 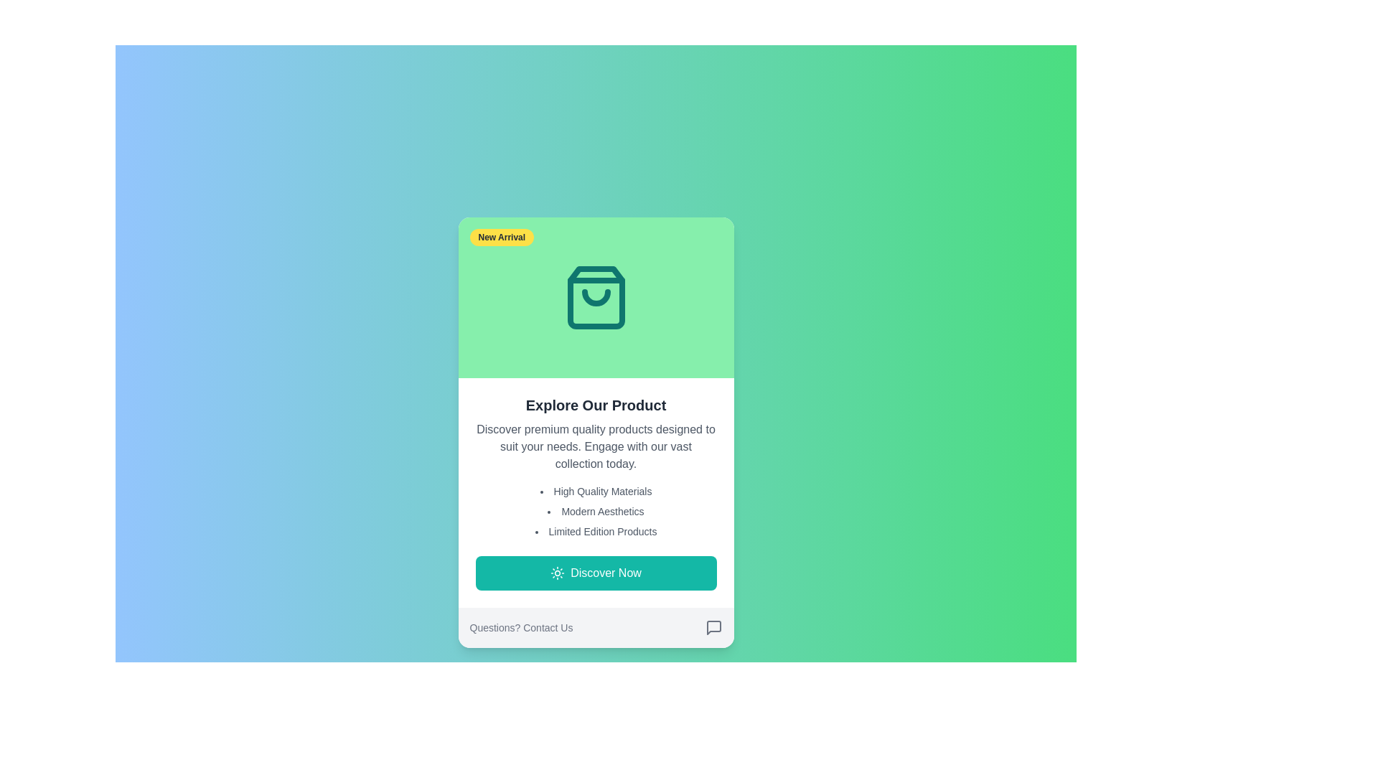 What do you see at coordinates (596, 405) in the screenshot?
I see `bold heading text 'Explore Our Product' located in a light green card interface, positioned beneath an icon and a label 'New Arrival'` at bounding box center [596, 405].